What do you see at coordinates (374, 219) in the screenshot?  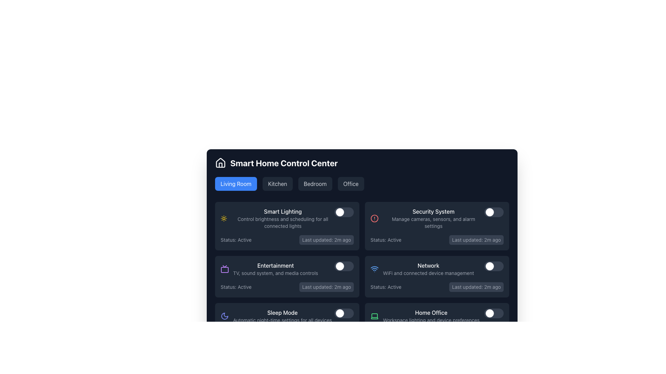 I see `the alert icon located on the left side of the 'Security System' title text, which indicates a warning or status notification` at bounding box center [374, 219].